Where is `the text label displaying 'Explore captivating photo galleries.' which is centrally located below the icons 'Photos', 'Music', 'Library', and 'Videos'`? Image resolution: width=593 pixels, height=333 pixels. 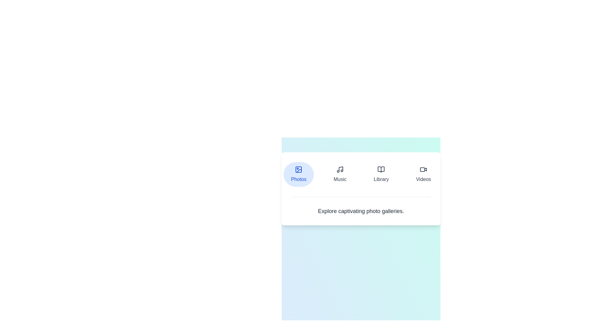
the text label displaying 'Explore captivating photo galleries.' which is centrally located below the icons 'Photos', 'Music', 'Library', and 'Videos' is located at coordinates (361, 211).